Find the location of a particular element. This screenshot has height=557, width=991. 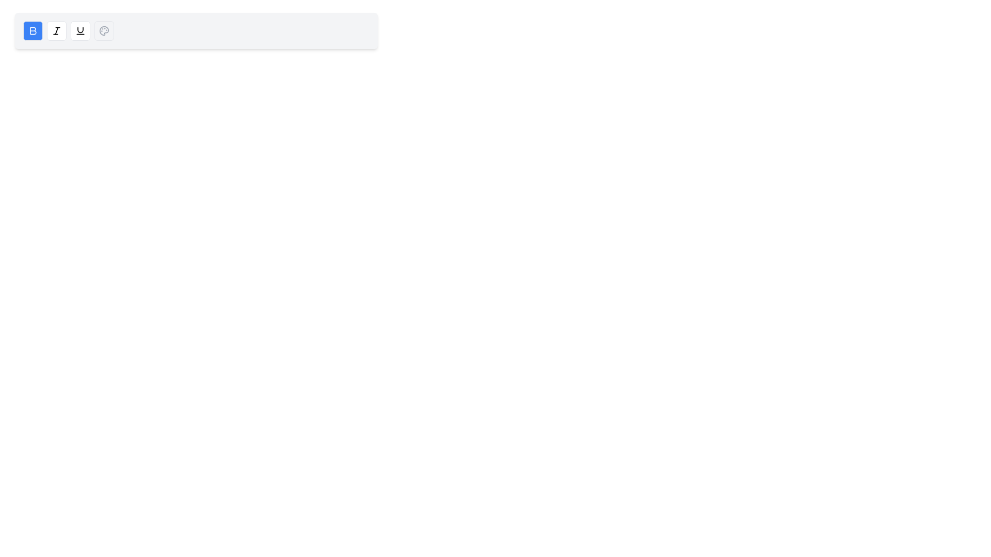

the underline formatting button located in the text formatting toolbar to apply underline formatting is located at coordinates (80, 30).